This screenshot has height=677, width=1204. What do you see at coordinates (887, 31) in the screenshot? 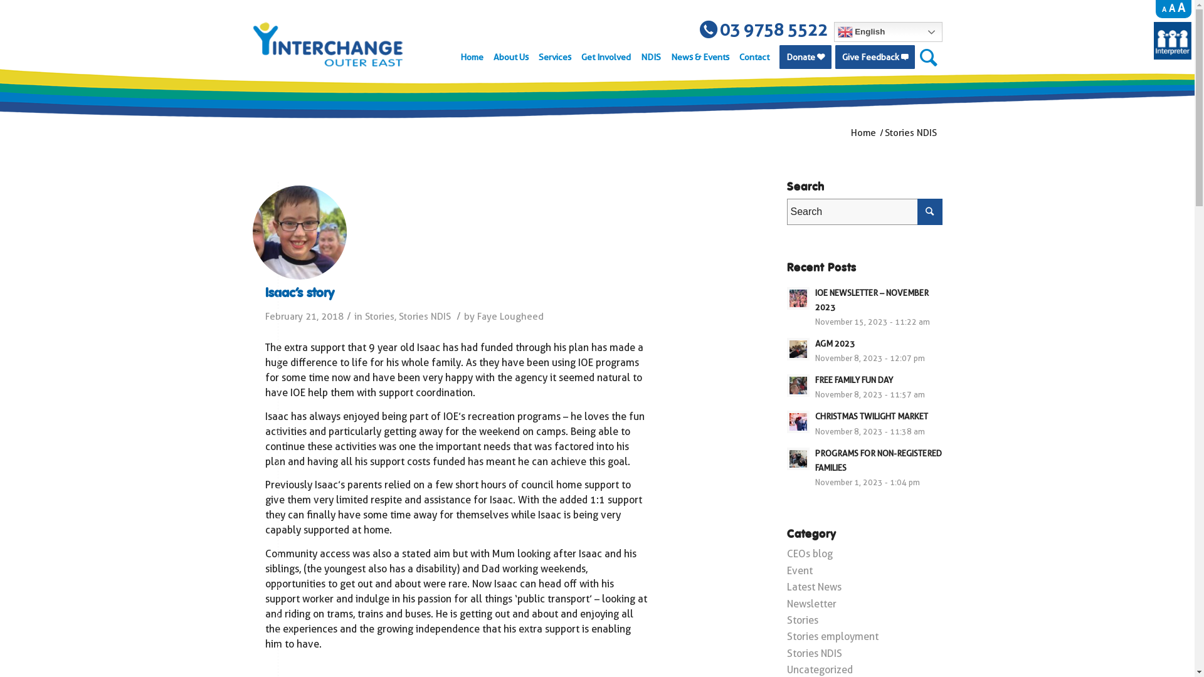
I see `'English'` at bounding box center [887, 31].